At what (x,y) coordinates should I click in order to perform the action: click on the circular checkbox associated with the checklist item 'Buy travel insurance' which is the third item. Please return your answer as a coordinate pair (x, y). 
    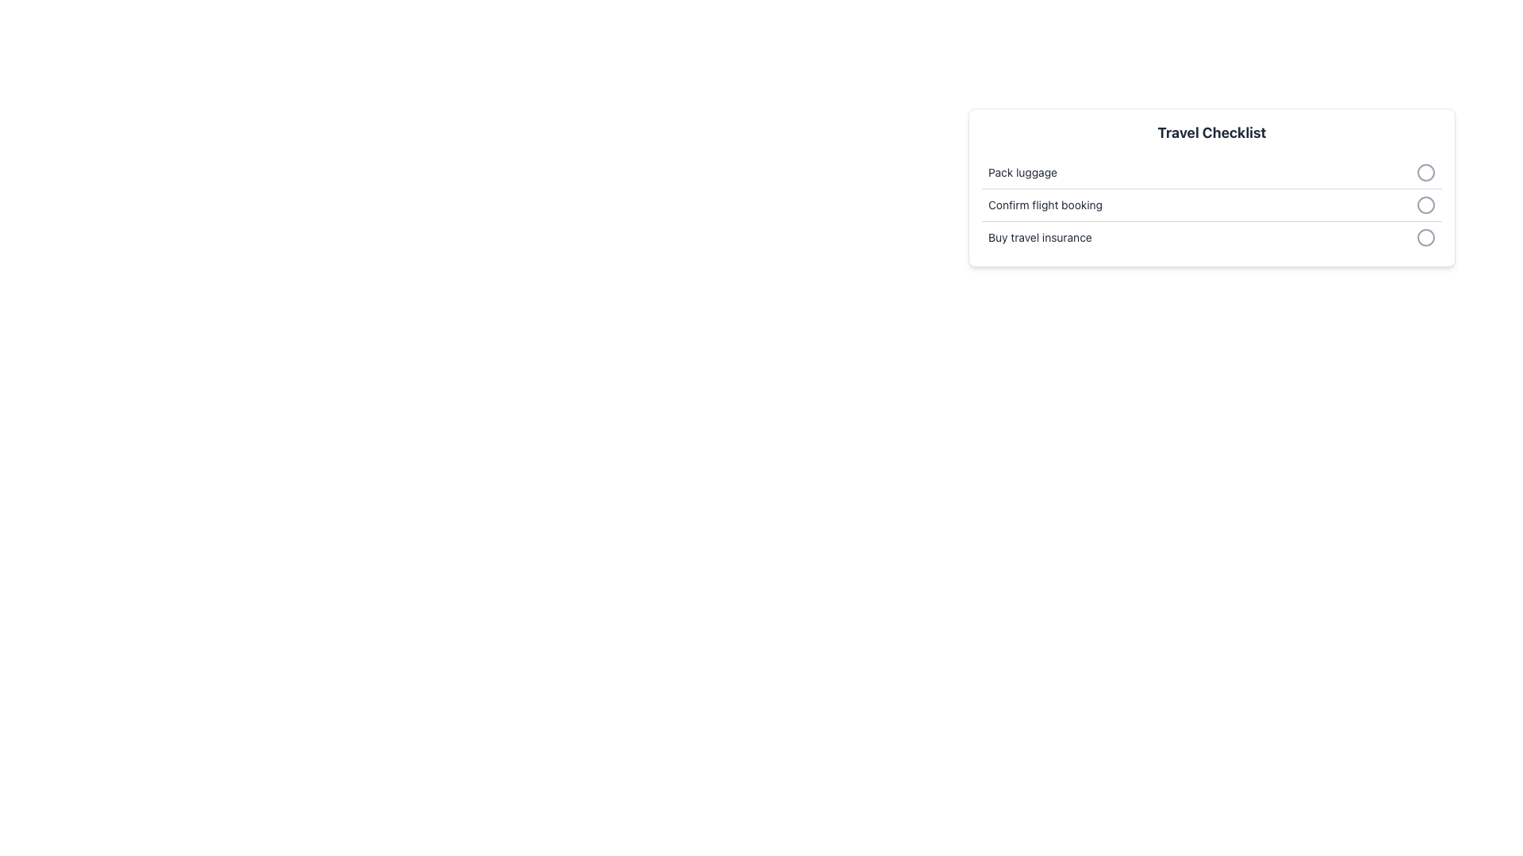
    Looking at the image, I should click on (1210, 238).